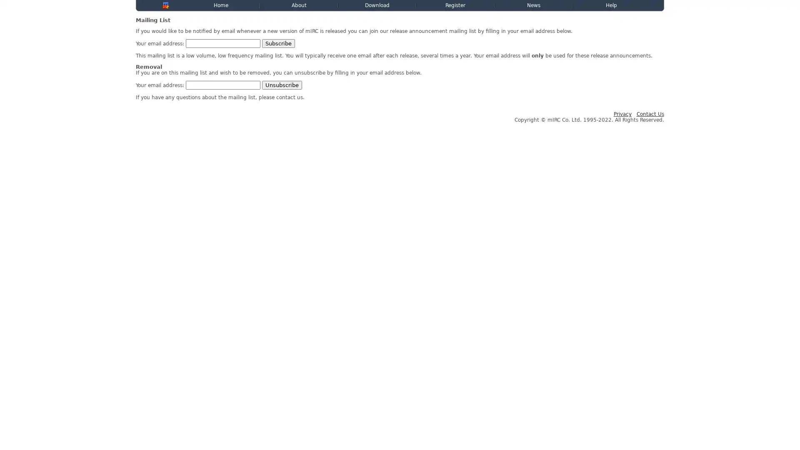 The image size is (800, 450). Describe the element at coordinates (278, 43) in the screenshot. I see `Subscribe` at that location.